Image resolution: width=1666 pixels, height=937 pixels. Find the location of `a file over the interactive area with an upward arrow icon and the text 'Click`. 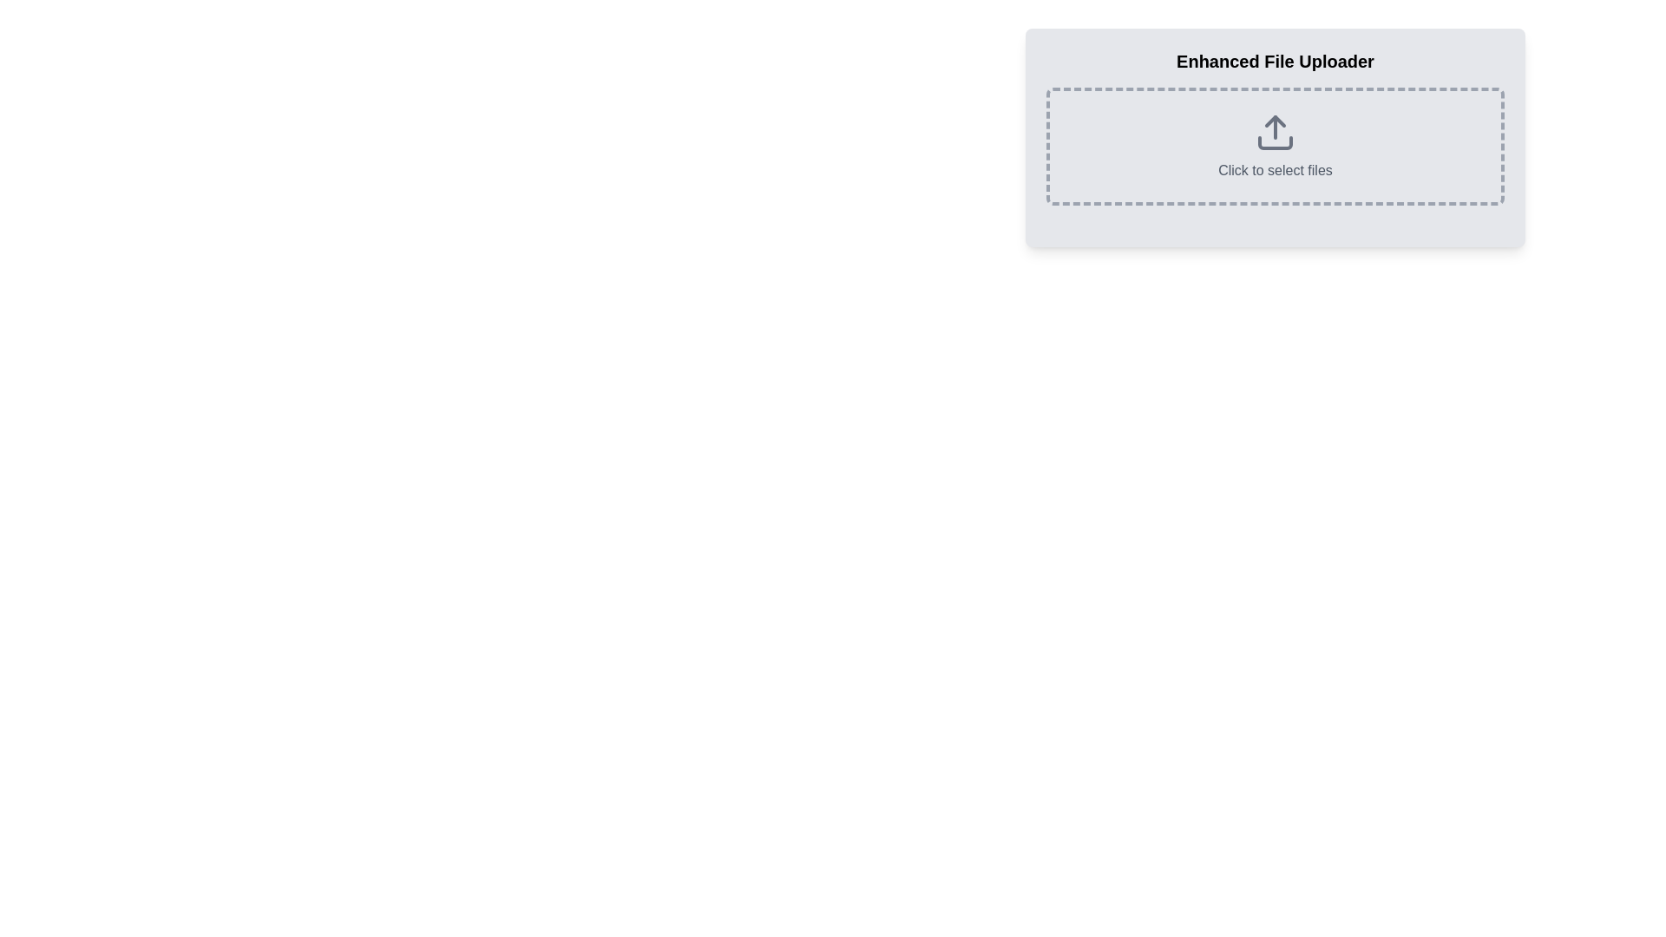

a file over the interactive area with an upward arrow icon and the text 'Click is located at coordinates (1275, 146).